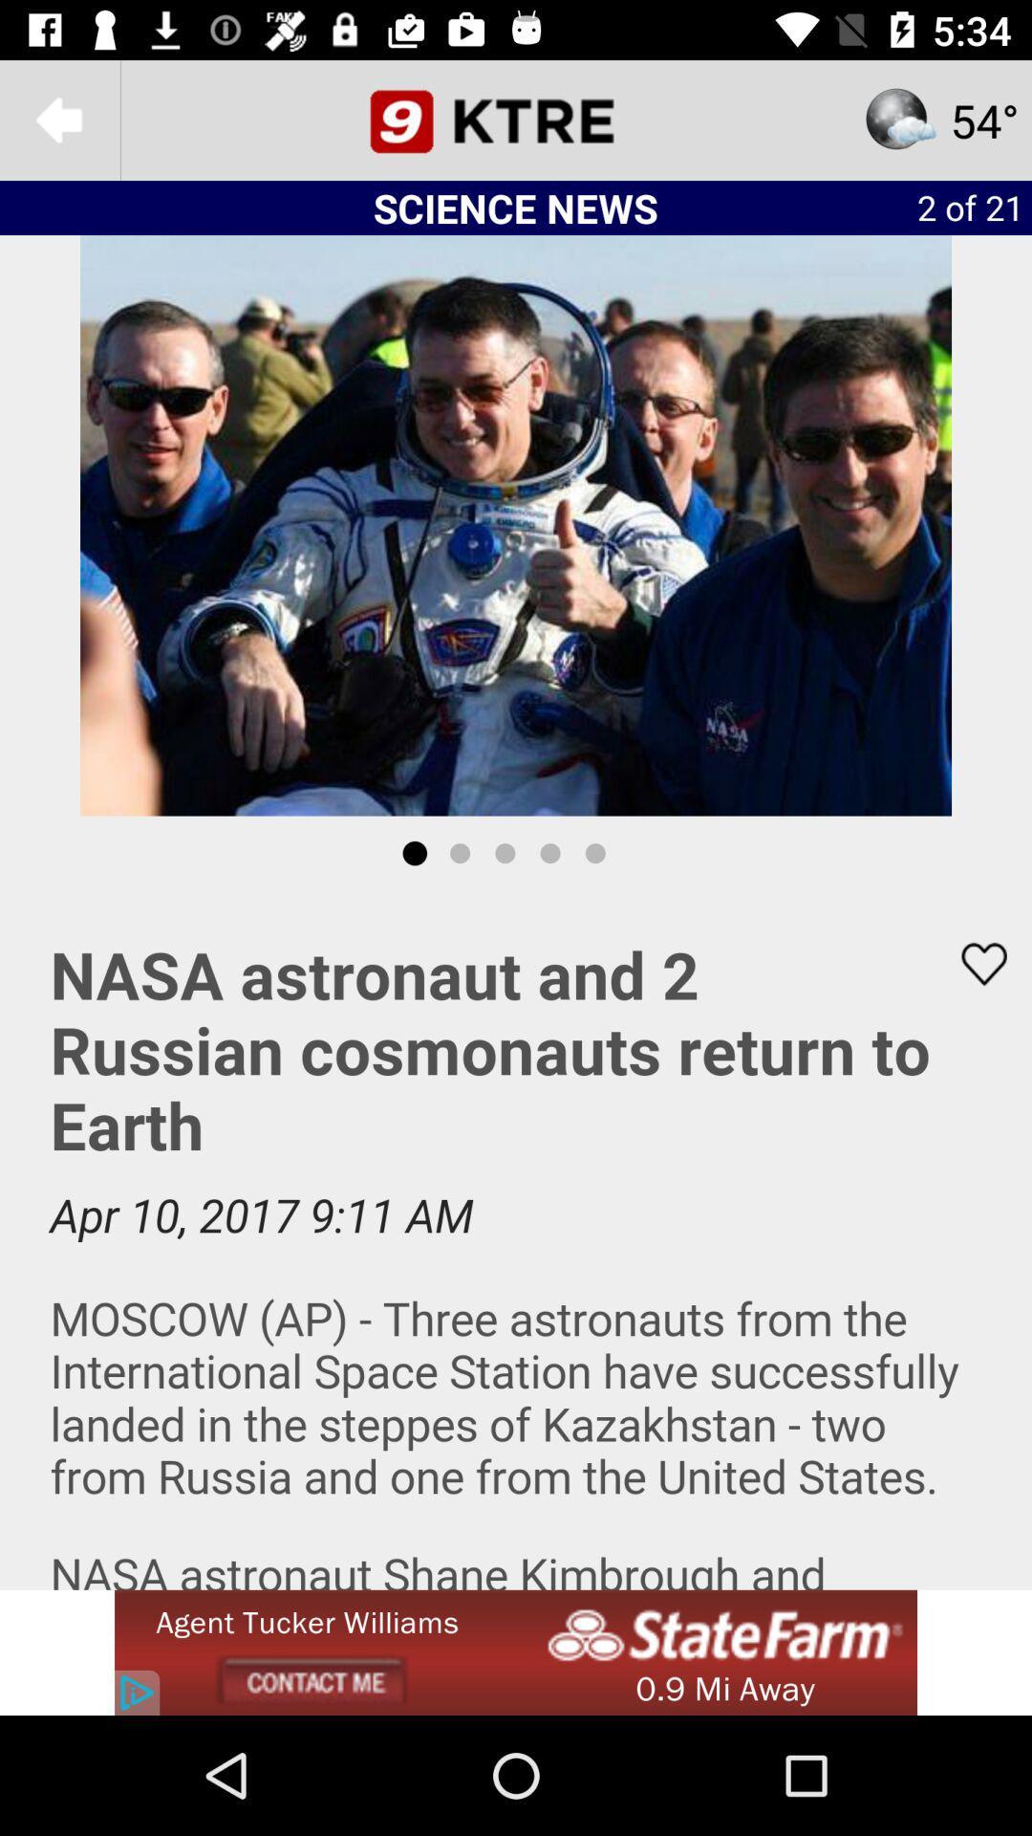  I want to click on title image page, so click(516, 119).